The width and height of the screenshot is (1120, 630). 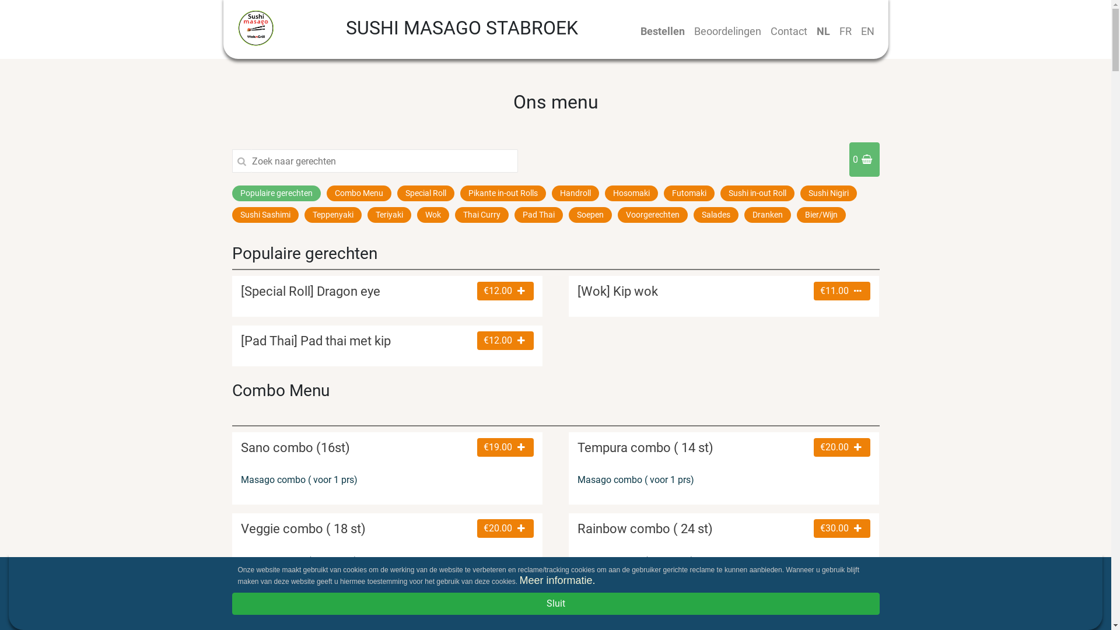 What do you see at coordinates (822, 30) in the screenshot?
I see `'NL'` at bounding box center [822, 30].